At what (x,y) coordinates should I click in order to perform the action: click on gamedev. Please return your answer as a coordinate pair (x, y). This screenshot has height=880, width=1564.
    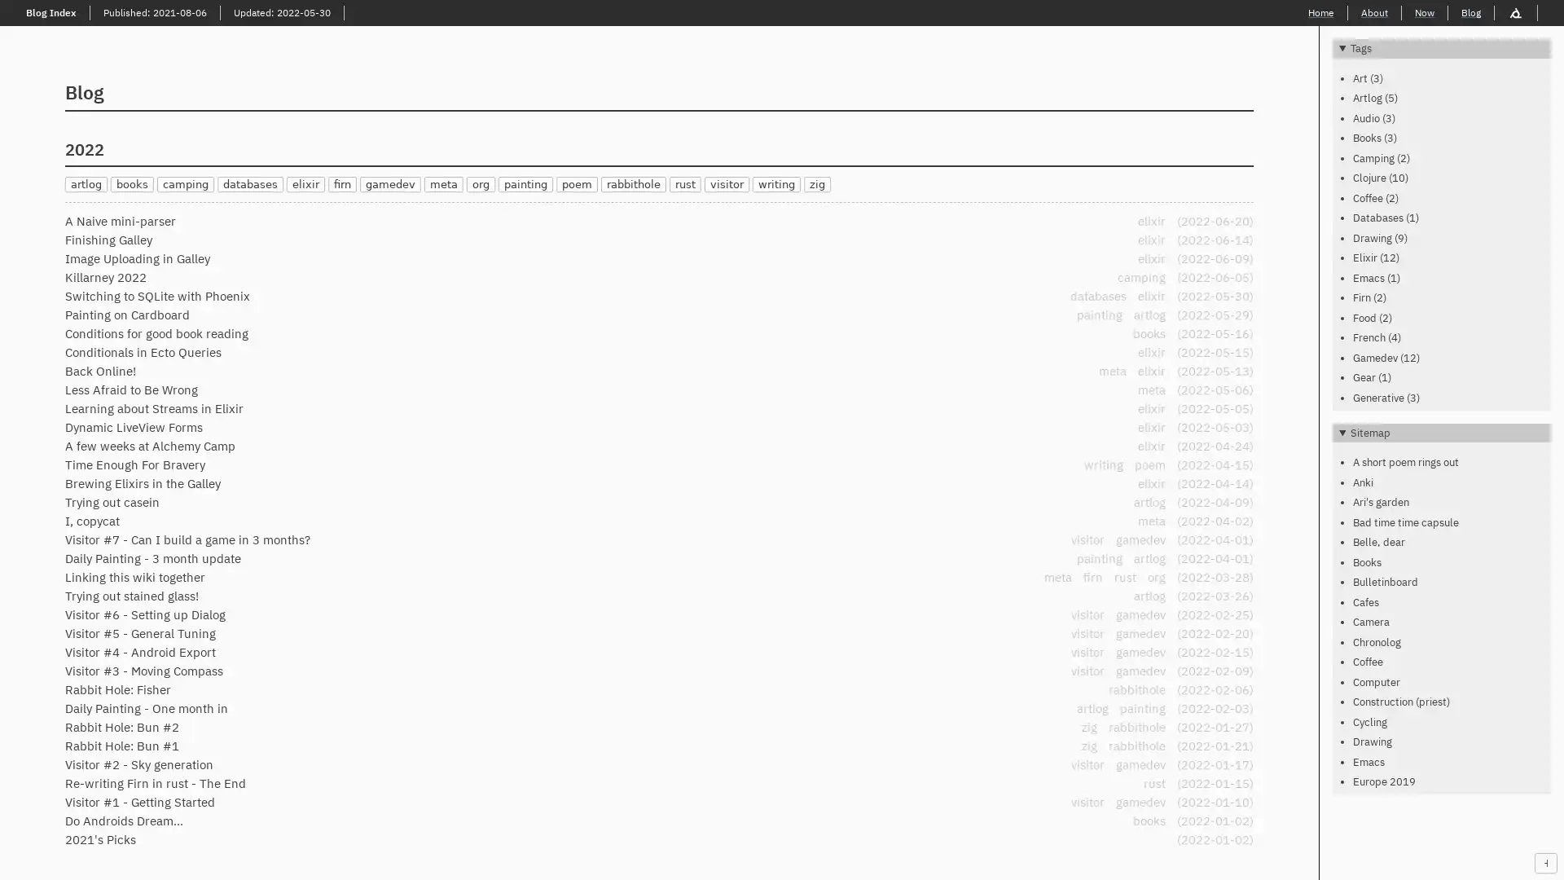
    Looking at the image, I should click on (389, 183).